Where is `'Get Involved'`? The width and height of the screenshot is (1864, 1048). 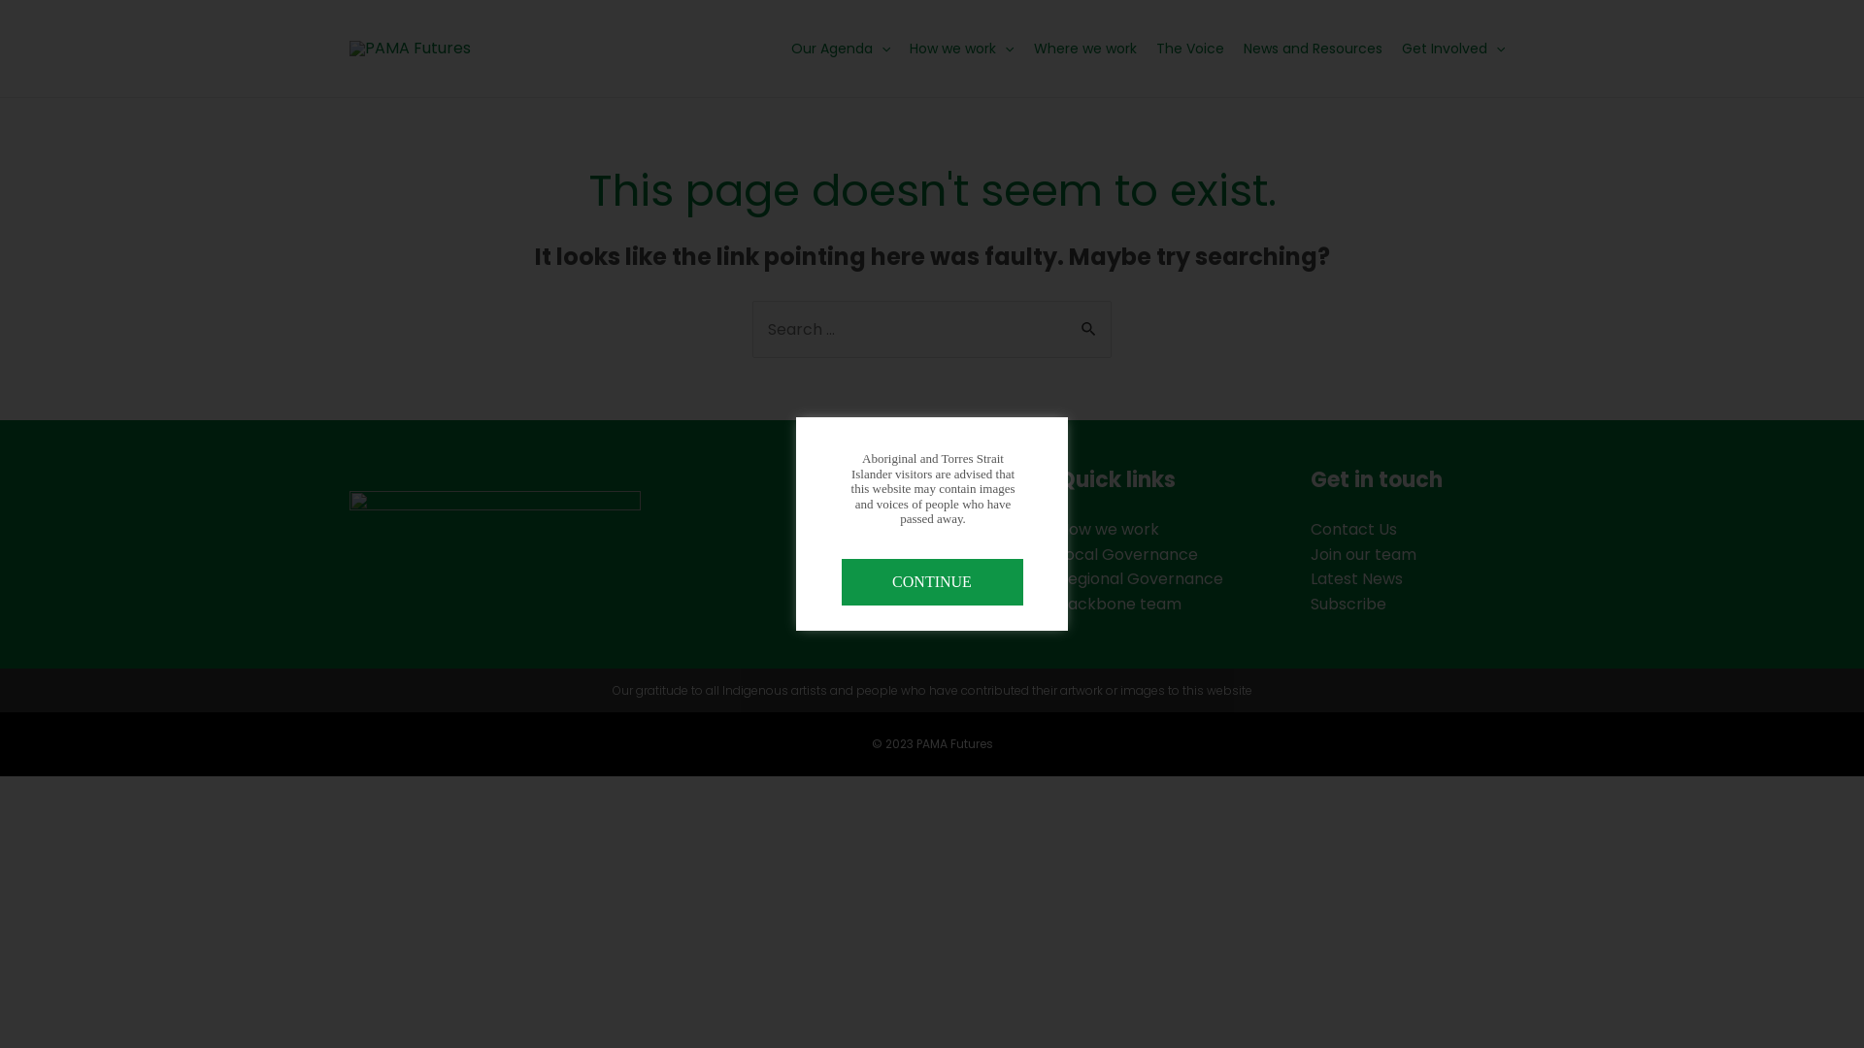
'Get Involved' is located at coordinates (1453, 48).